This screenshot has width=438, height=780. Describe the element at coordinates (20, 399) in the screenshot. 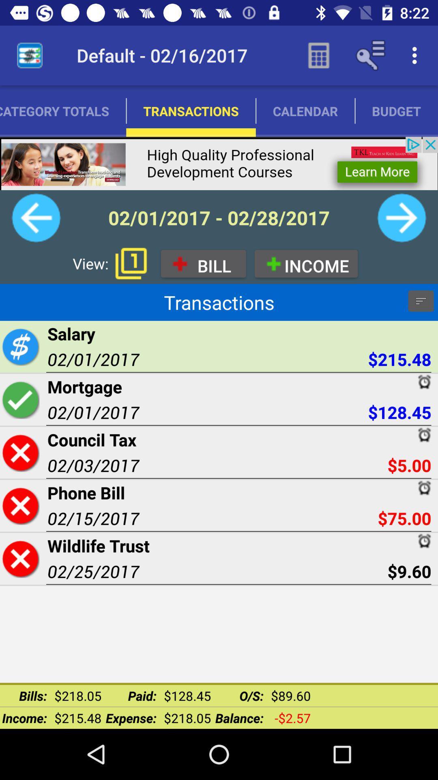

I see `transaction` at that location.